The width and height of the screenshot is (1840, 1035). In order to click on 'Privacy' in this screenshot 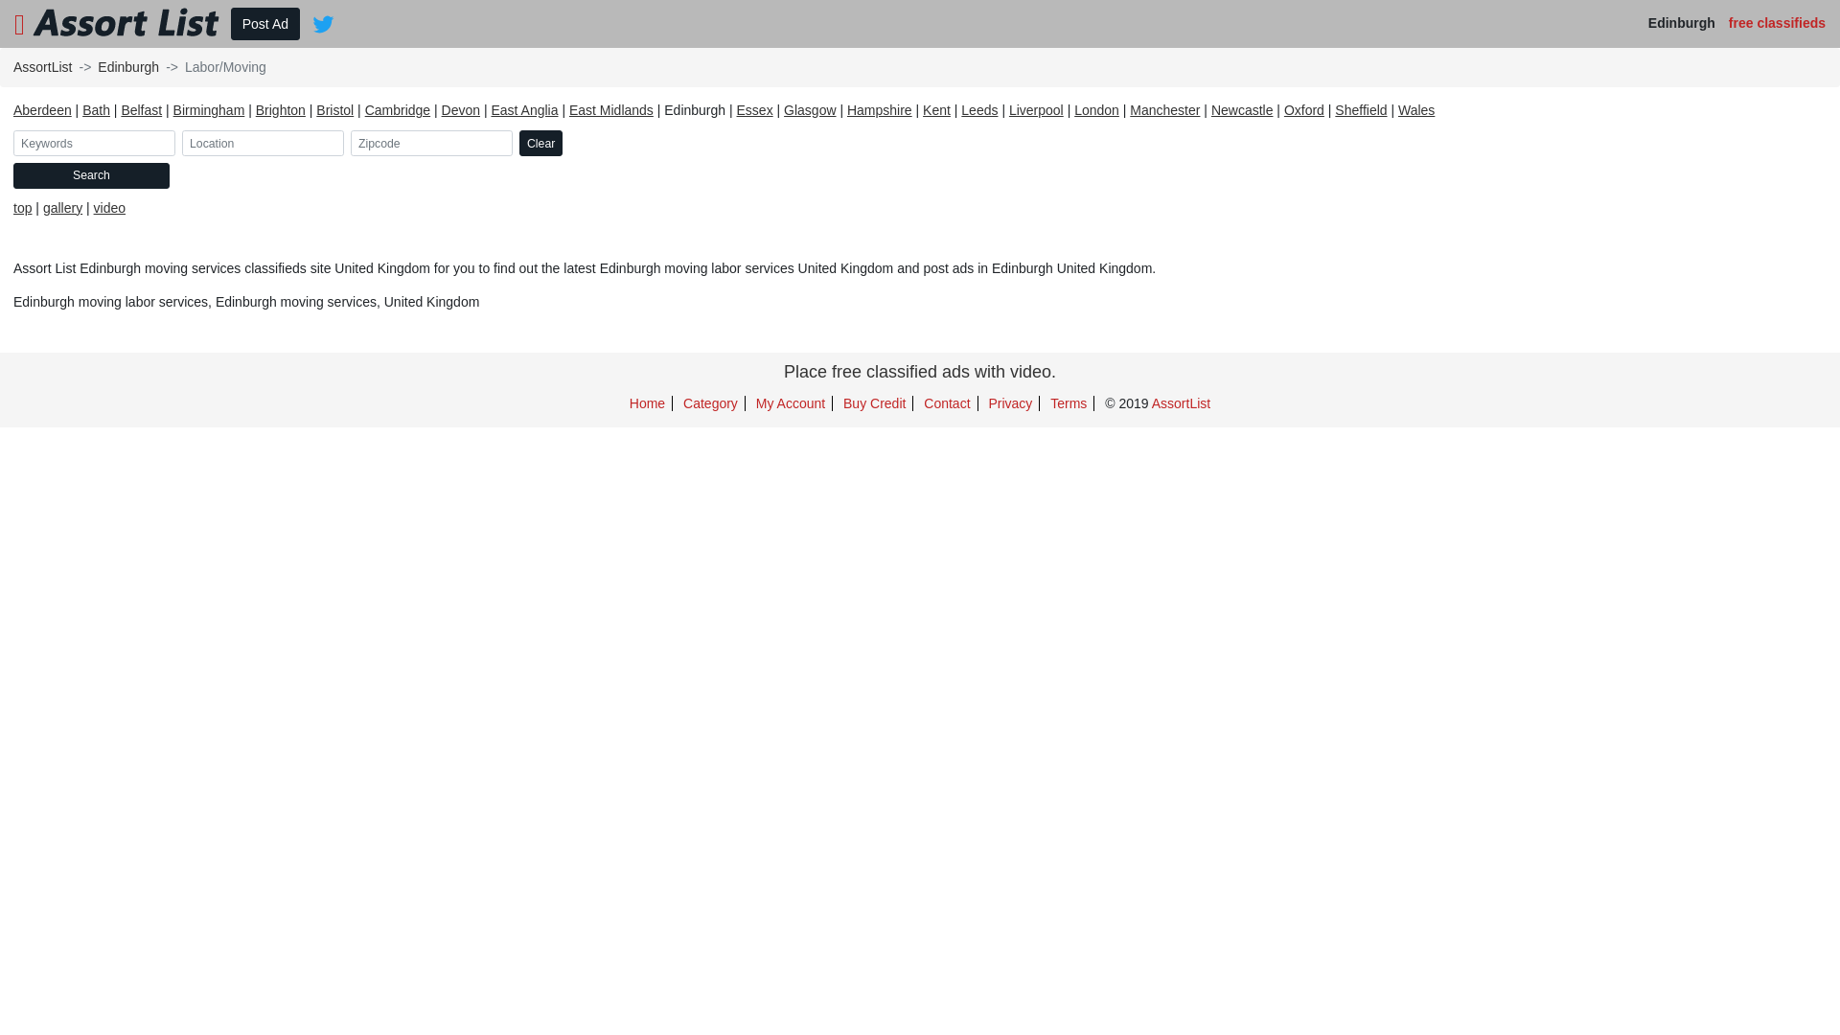, I will do `click(1009, 402)`.